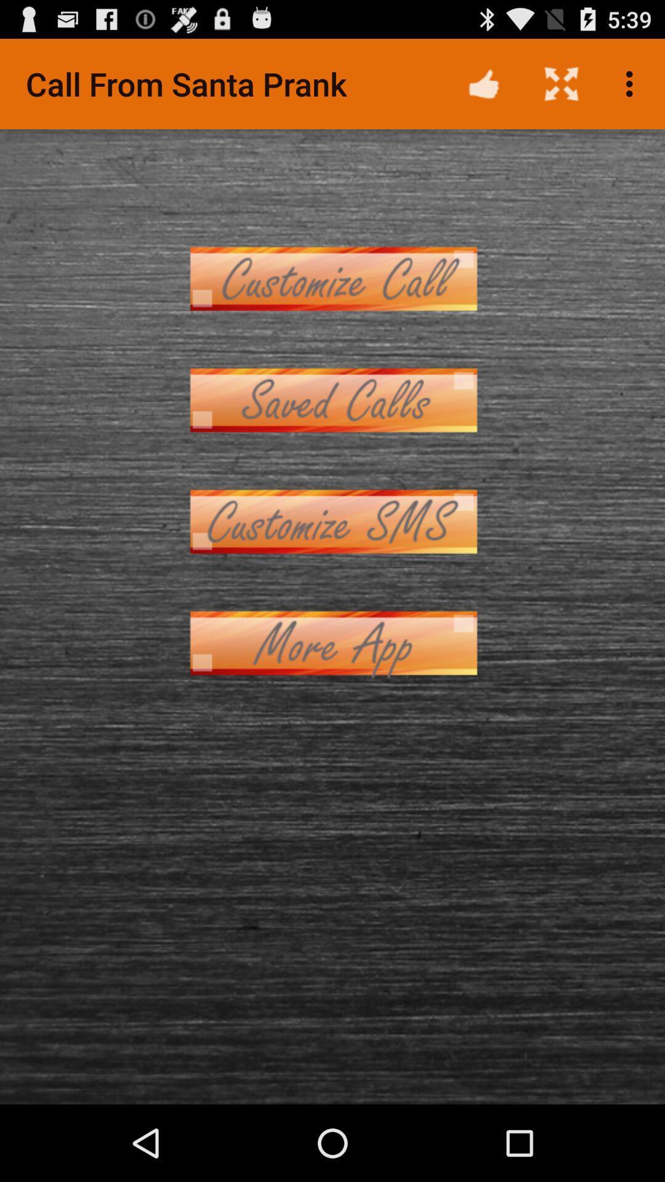  What do you see at coordinates (332, 400) in the screenshot?
I see `calls` at bounding box center [332, 400].